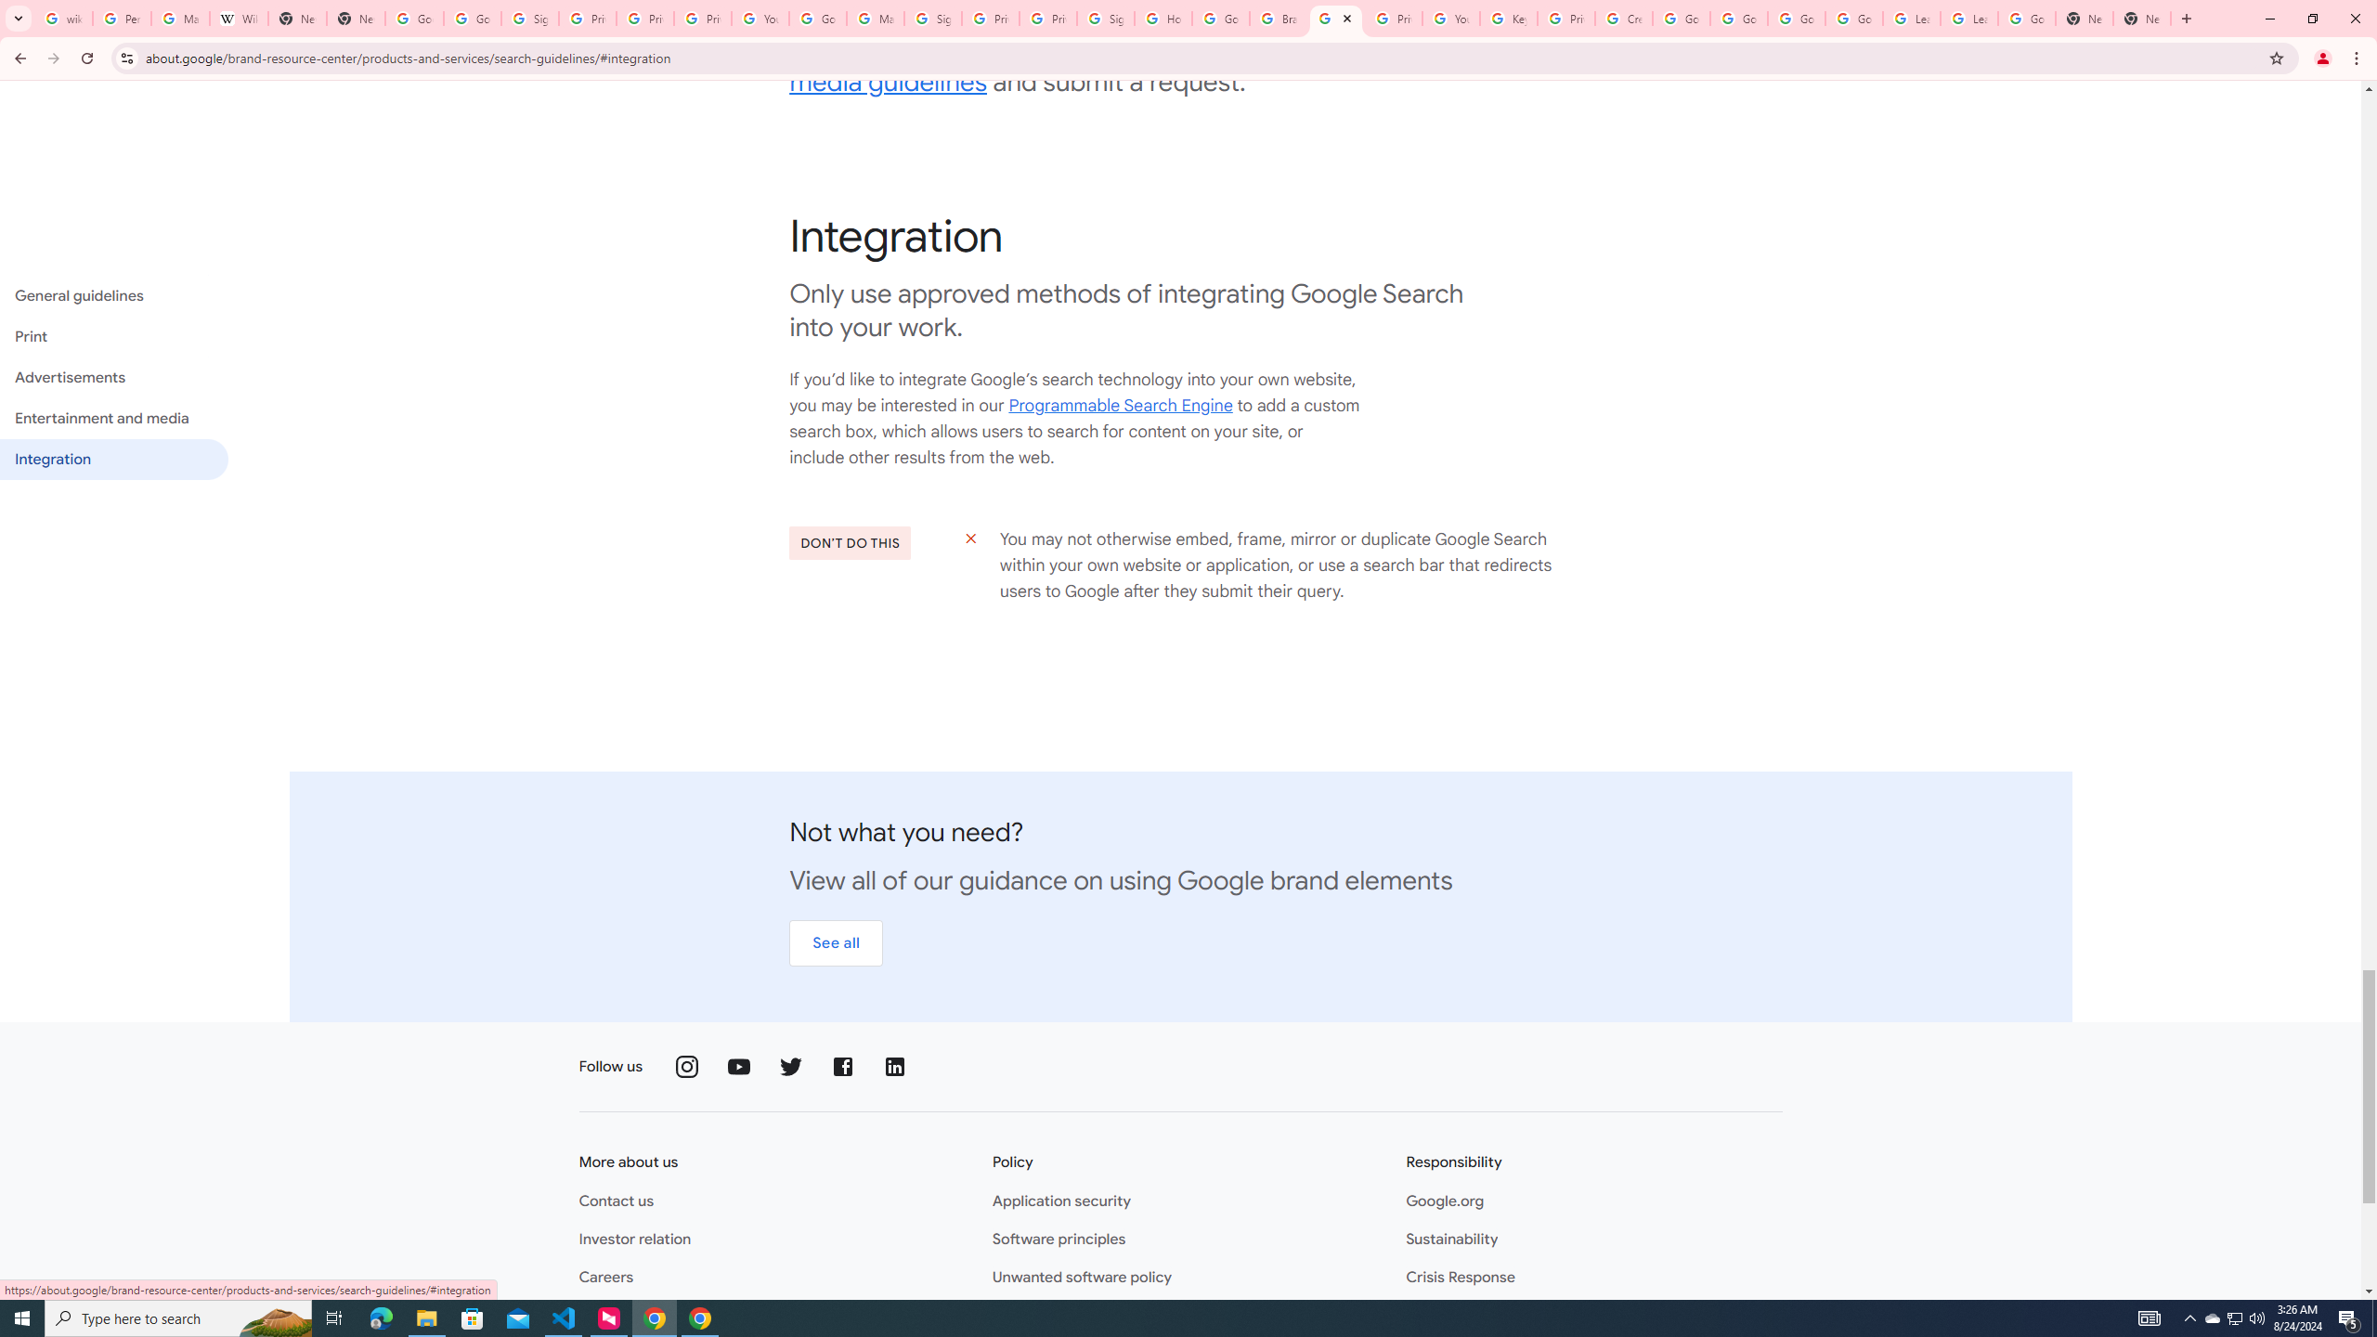  What do you see at coordinates (121, 18) in the screenshot?
I see `'Personalization & Google Search results - Google Search Help'` at bounding box center [121, 18].